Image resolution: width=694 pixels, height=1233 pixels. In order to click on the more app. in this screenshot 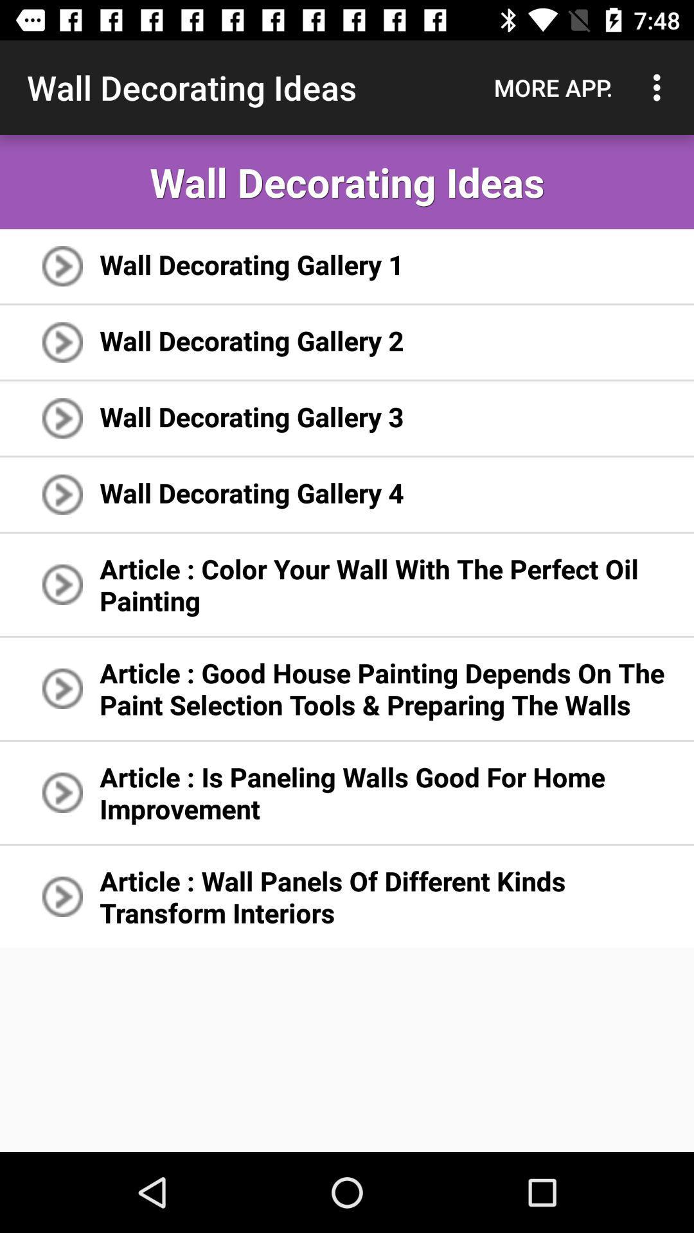, I will do `click(553, 87)`.